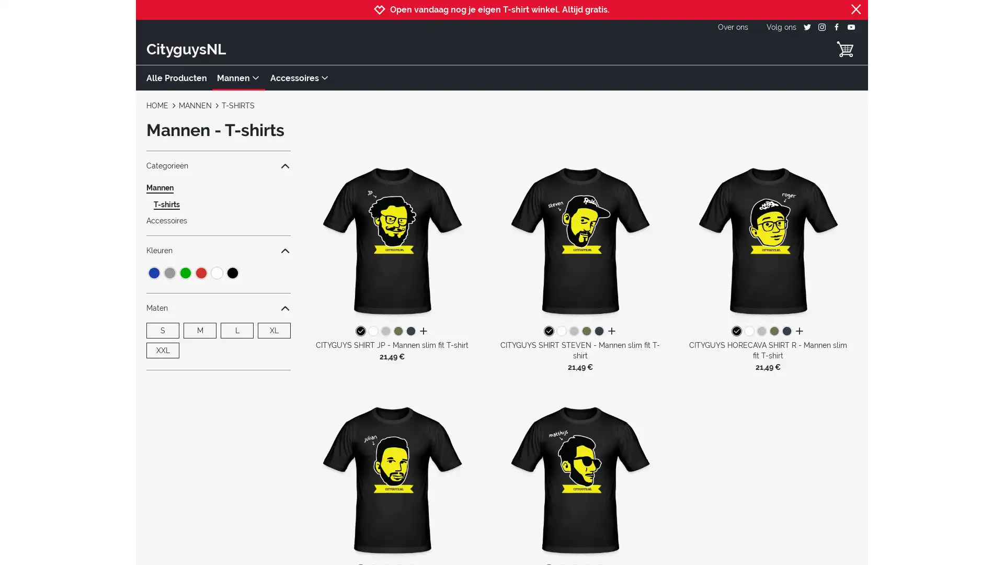 The width and height of the screenshot is (1004, 565). Describe the element at coordinates (787, 331) in the screenshot. I see `navy` at that location.